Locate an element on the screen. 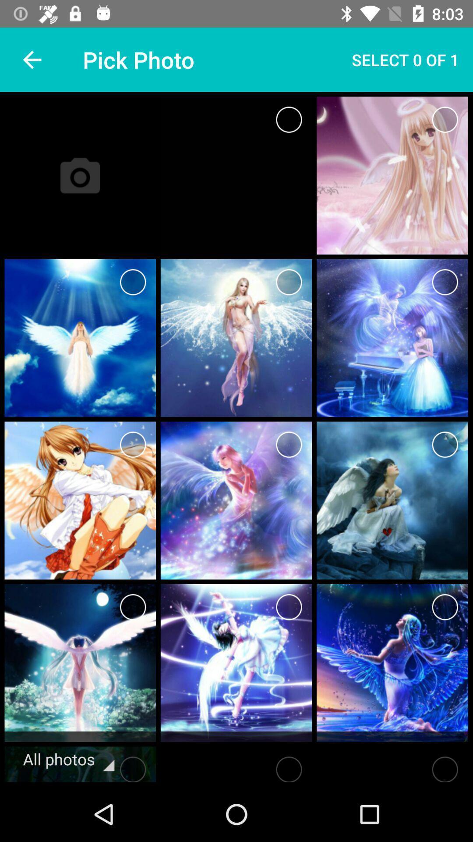  photo s is located at coordinates (445, 282).